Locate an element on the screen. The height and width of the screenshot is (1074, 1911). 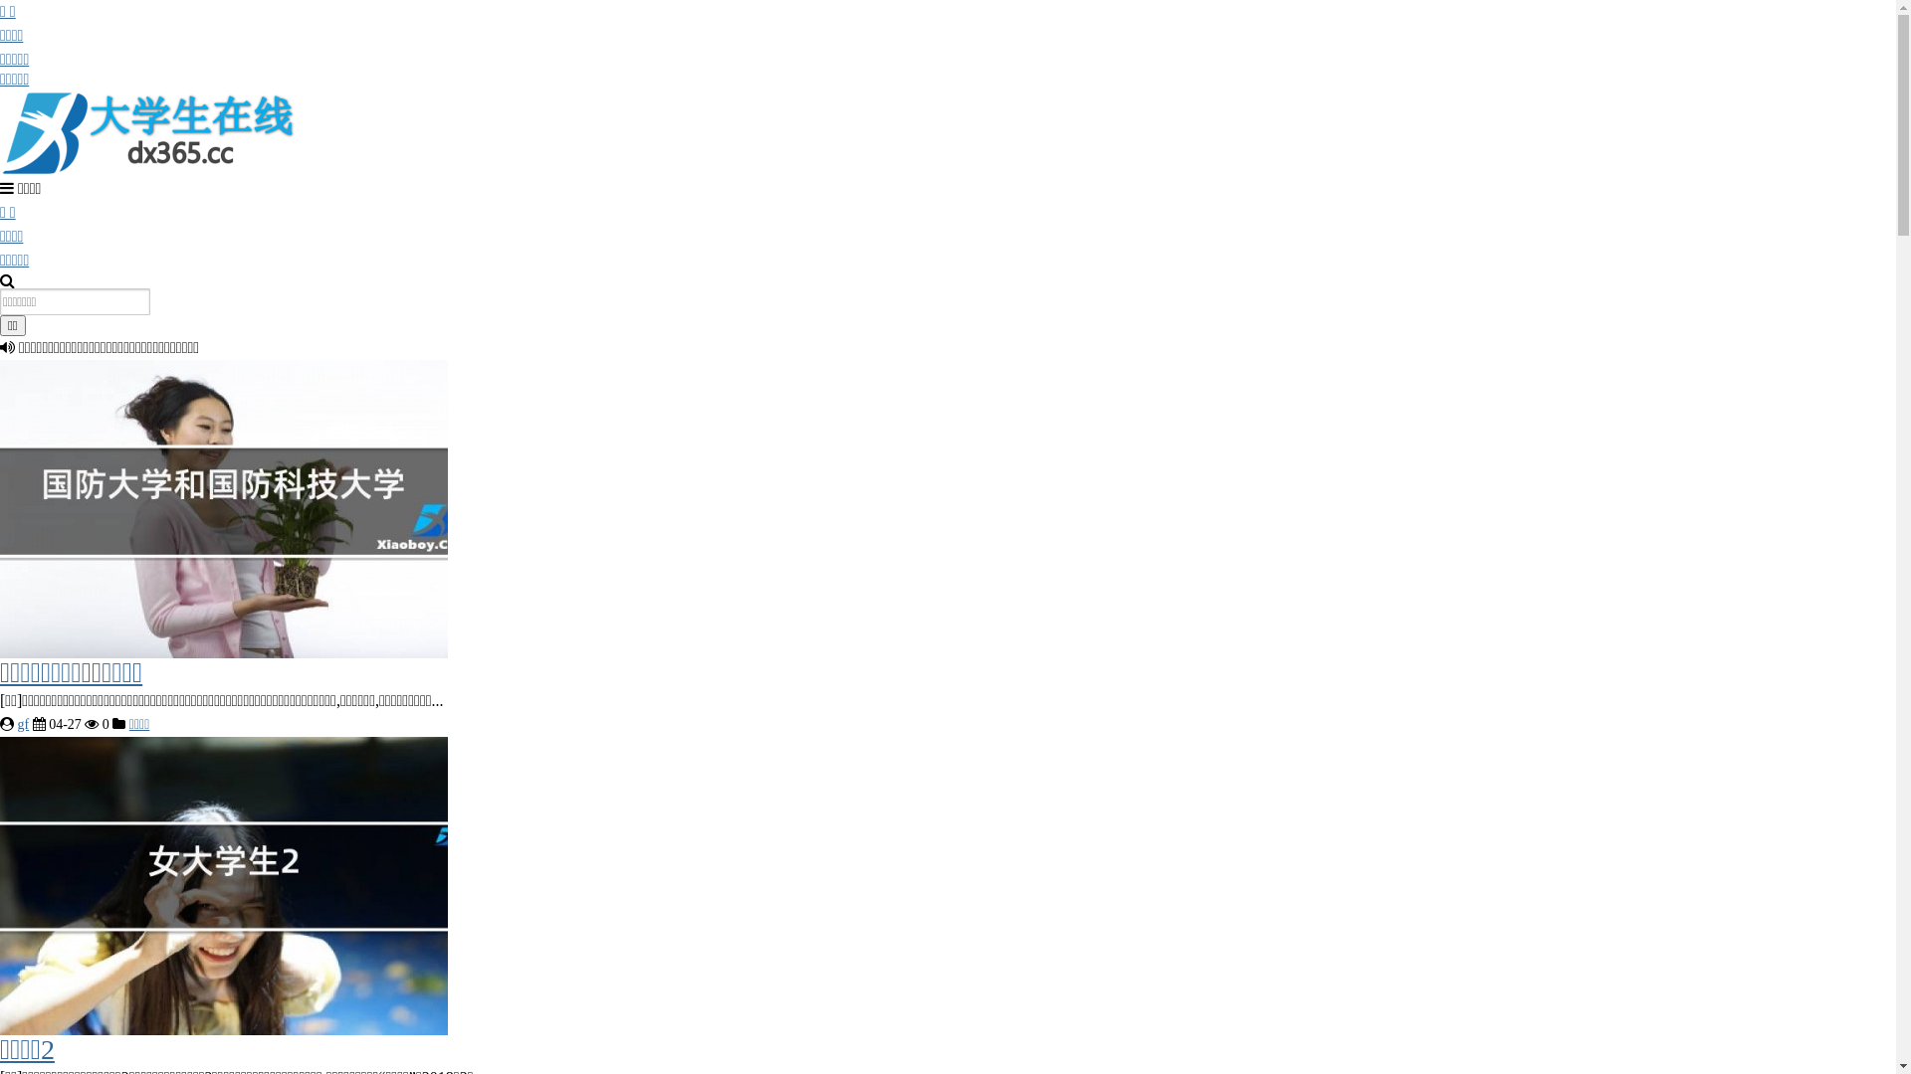
'gf' is located at coordinates (24, 724).